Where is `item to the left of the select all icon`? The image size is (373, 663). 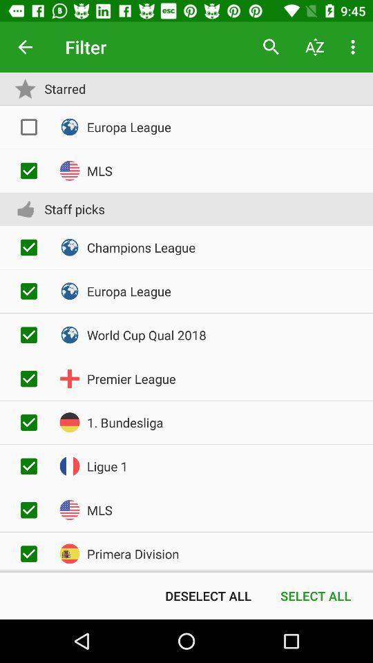 item to the left of the select all icon is located at coordinates (207, 595).